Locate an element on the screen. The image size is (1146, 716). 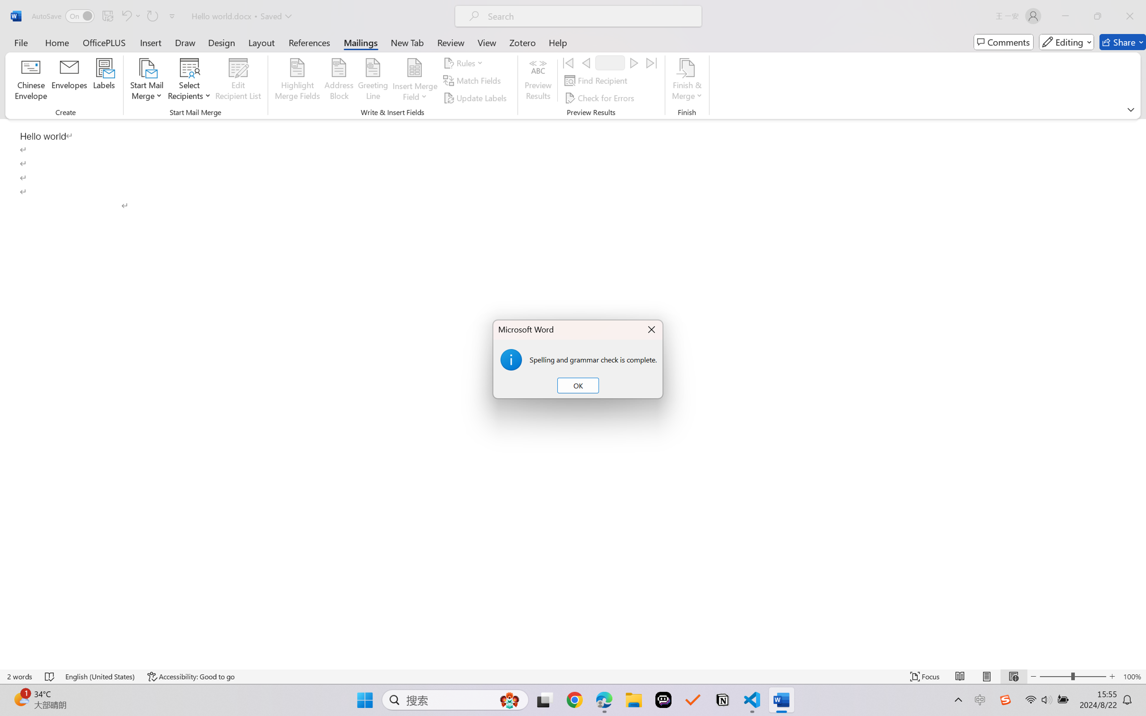
'Comments' is located at coordinates (1003, 42).